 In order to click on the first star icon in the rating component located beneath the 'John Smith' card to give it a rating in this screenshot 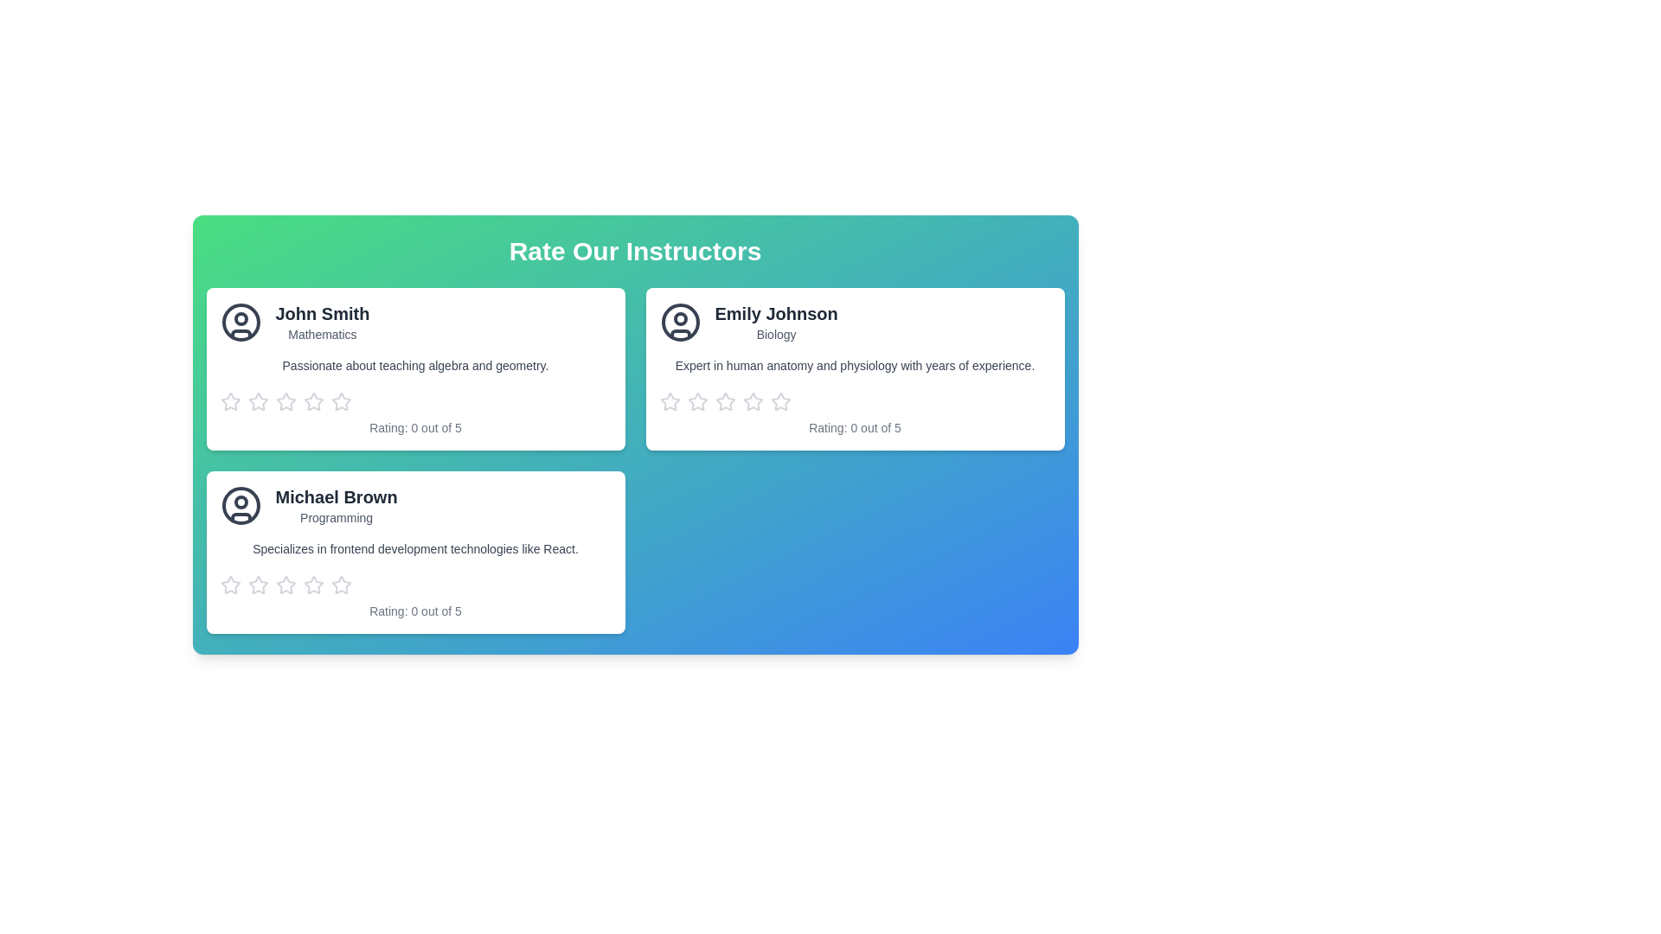, I will do `click(229, 402)`.